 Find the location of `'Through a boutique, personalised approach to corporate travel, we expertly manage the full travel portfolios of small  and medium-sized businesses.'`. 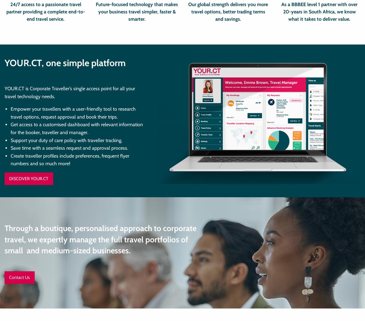

'Through a boutique, personalised approach to corporate travel, we expertly manage the full travel portfolios of small  and medium-sized businesses.' is located at coordinates (100, 239).